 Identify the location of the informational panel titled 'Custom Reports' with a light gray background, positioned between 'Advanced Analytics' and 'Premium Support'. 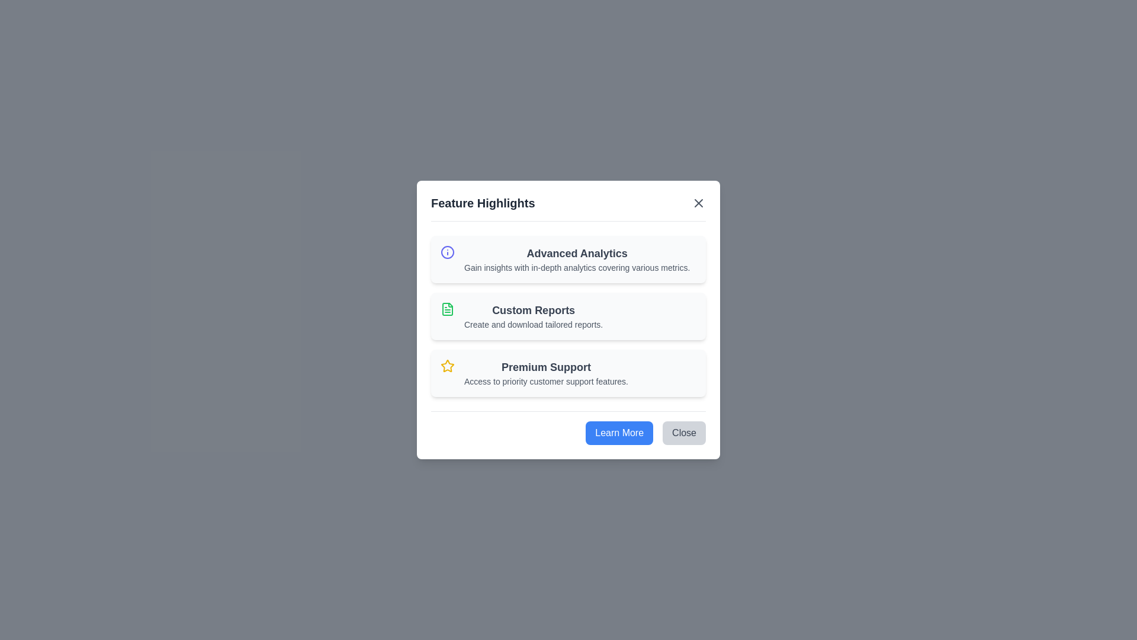
(568, 315).